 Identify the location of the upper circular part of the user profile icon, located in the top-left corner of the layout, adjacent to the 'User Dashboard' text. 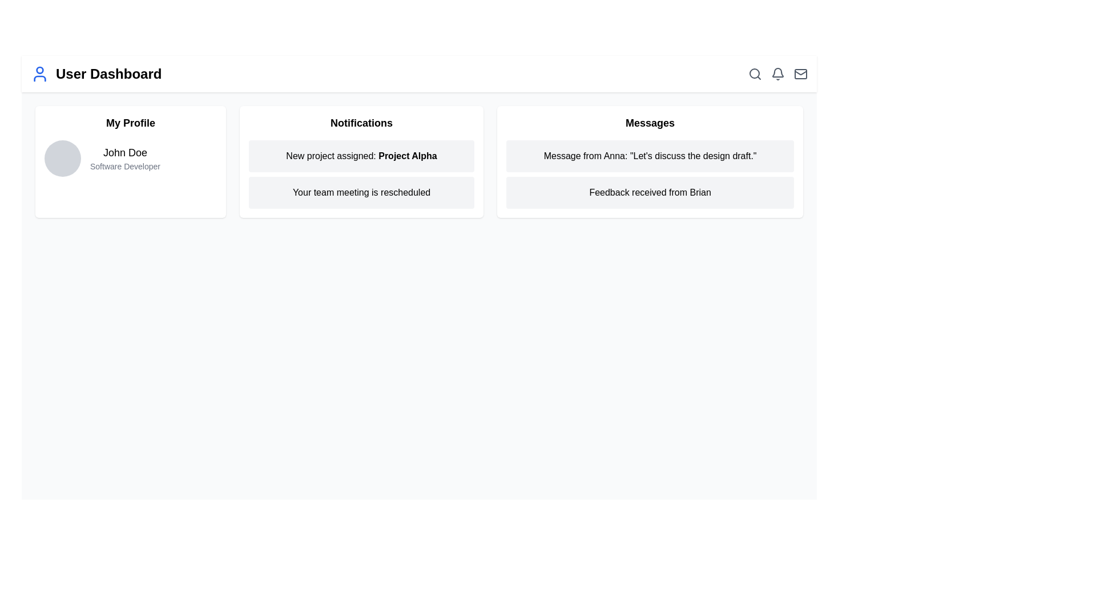
(40, 70).